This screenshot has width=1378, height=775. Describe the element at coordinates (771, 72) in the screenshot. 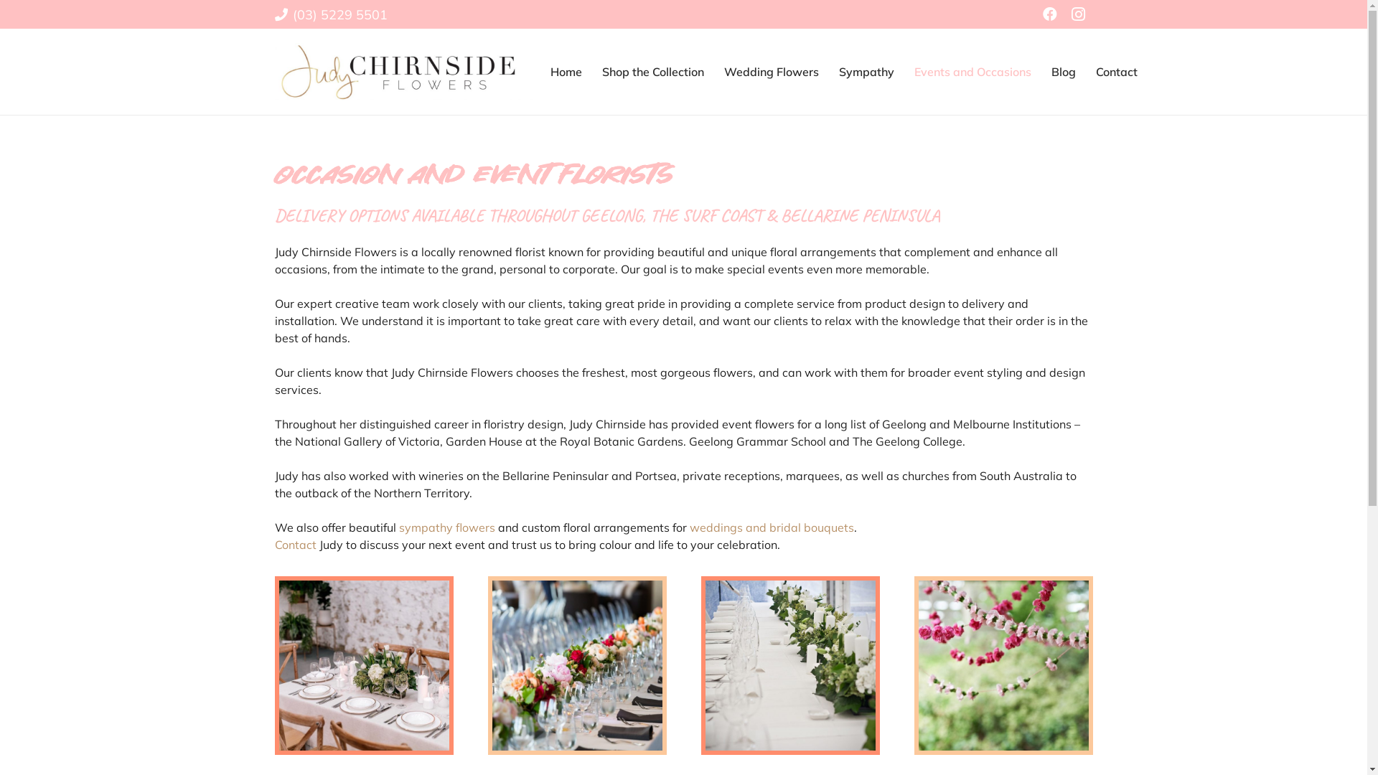

I see `'Wedding Flowers'` at that location.